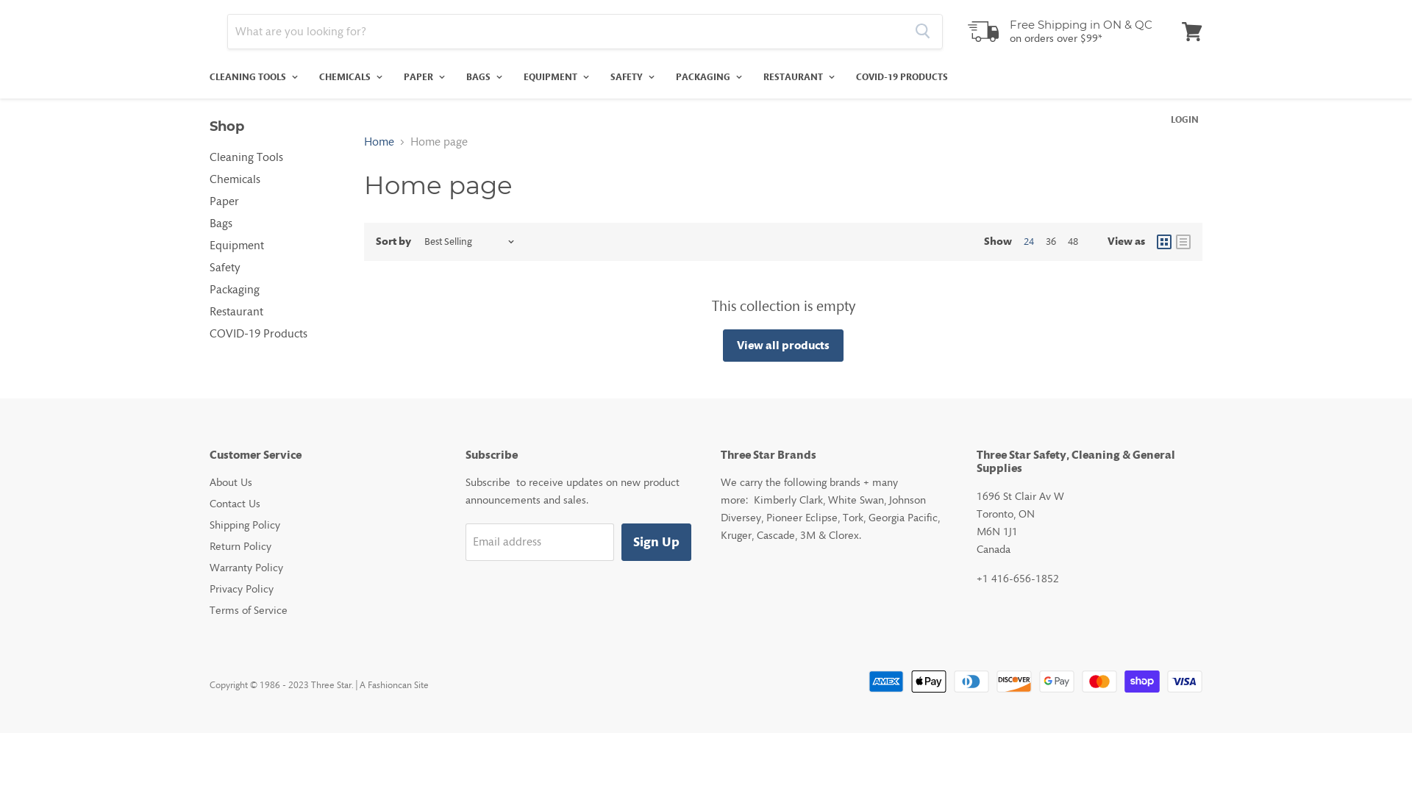 Image resolution: width=1412 pixels, height=794 pixels. Describe the element at coordinates (220, 223) in the screenshot. I see `'Bags'` at that location.